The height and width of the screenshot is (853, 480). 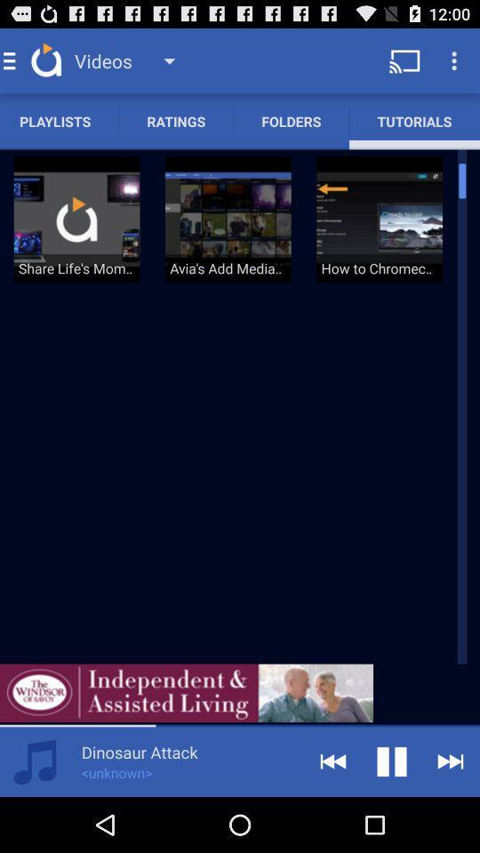 What do you see at coordinates (451, 815) in the screenshot?
I see `the skip_next icon` at bounding box center [451, 815].